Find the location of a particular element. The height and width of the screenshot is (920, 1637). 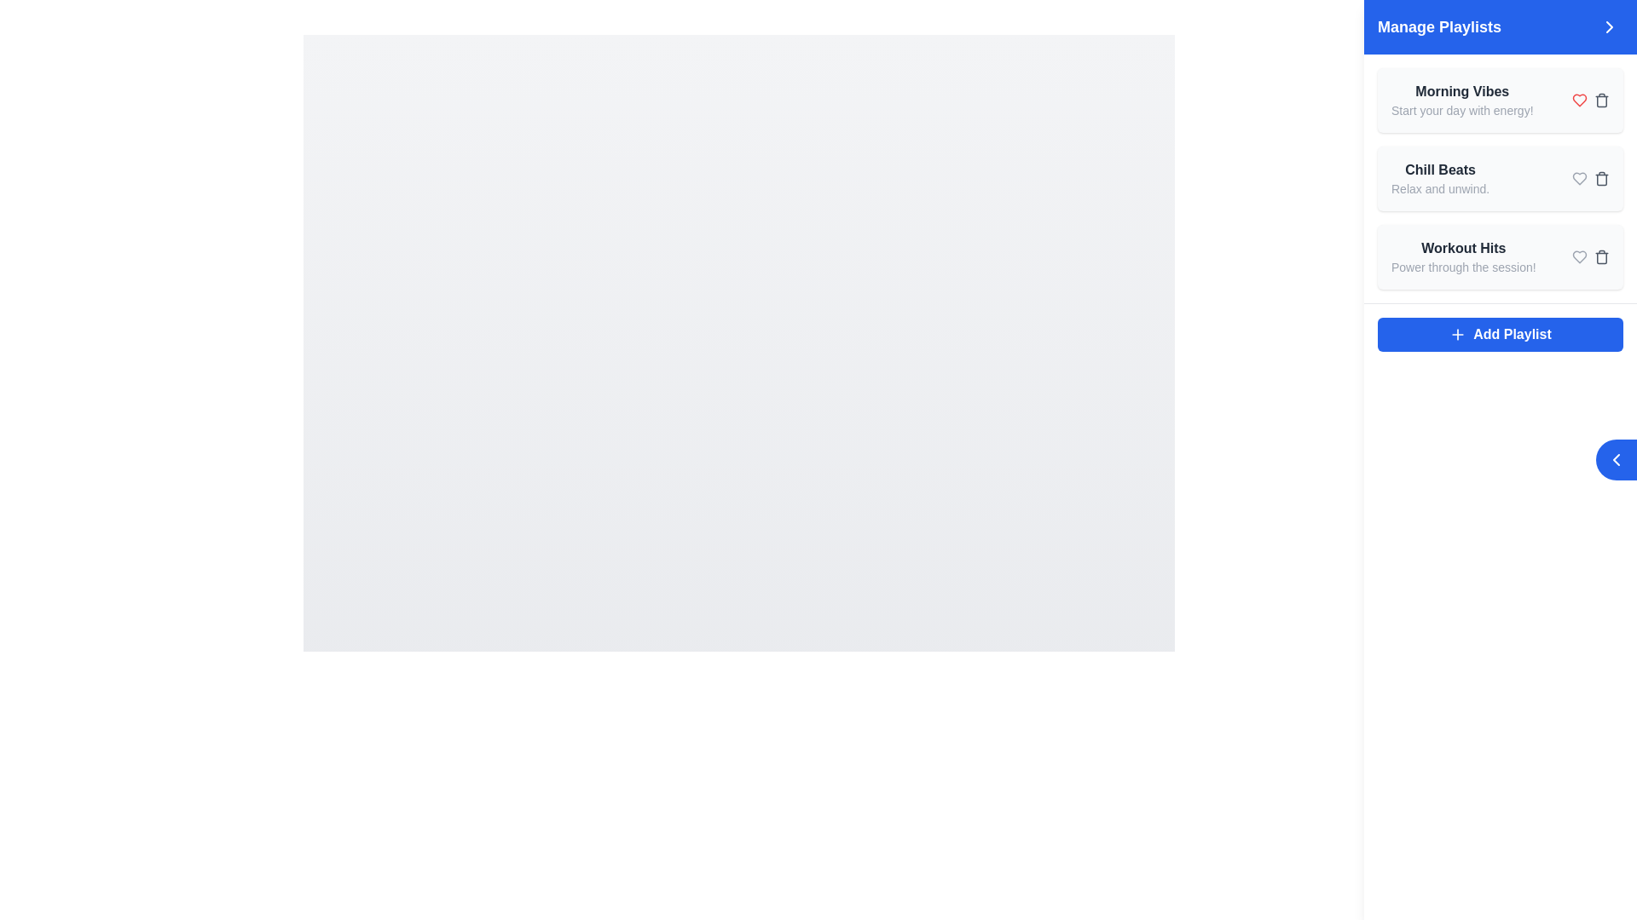

the gray text label that says 'Start your day with energy!' located beneath the title 'Morning Vibes' in the playlist management interface is located at coordinates (1461, 111).